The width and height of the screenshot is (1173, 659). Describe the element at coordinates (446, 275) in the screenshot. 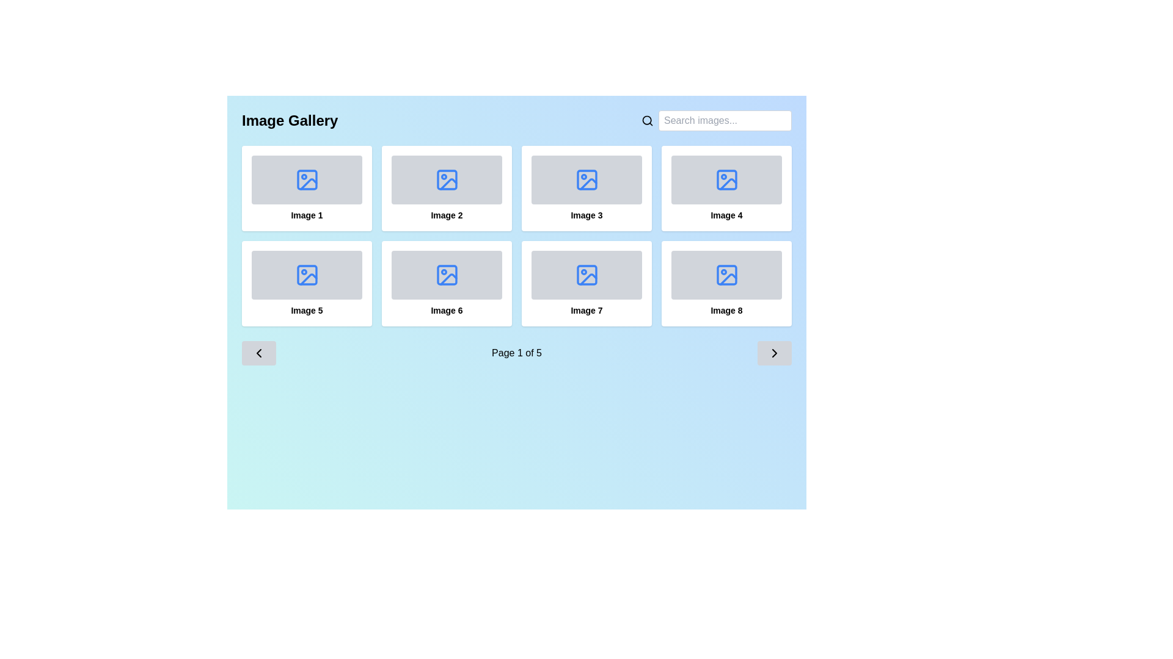

I see `the rounded corner rectangle element within the image placeholder icon associated with the 'Image 6' tile in the image gallery` at that location.